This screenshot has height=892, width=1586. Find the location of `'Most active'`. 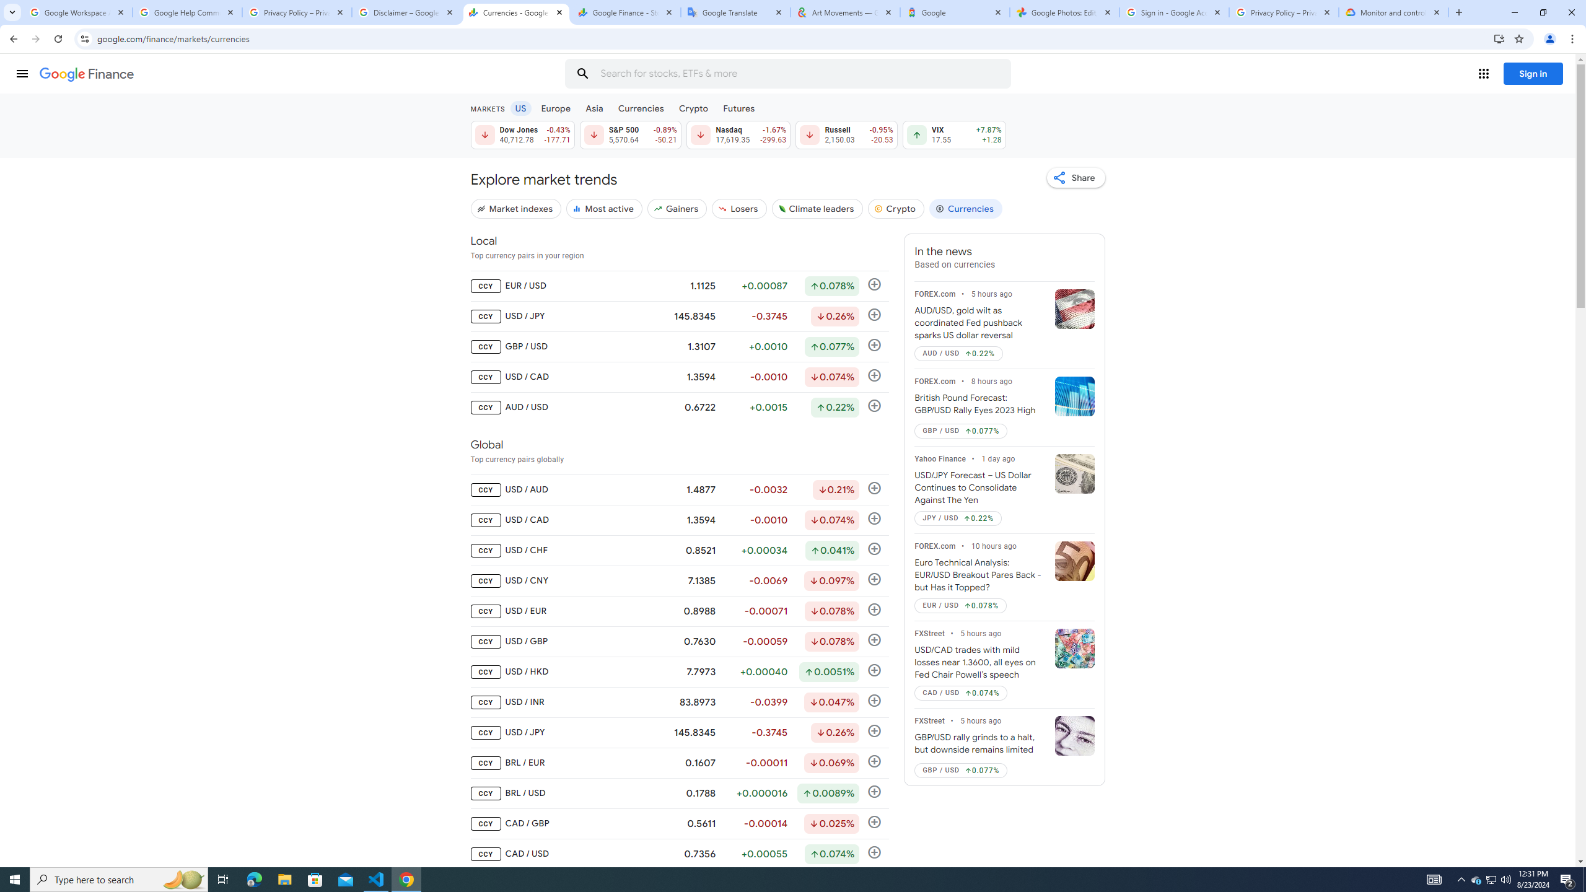

'Most active' is located at coordinates (603, 208).